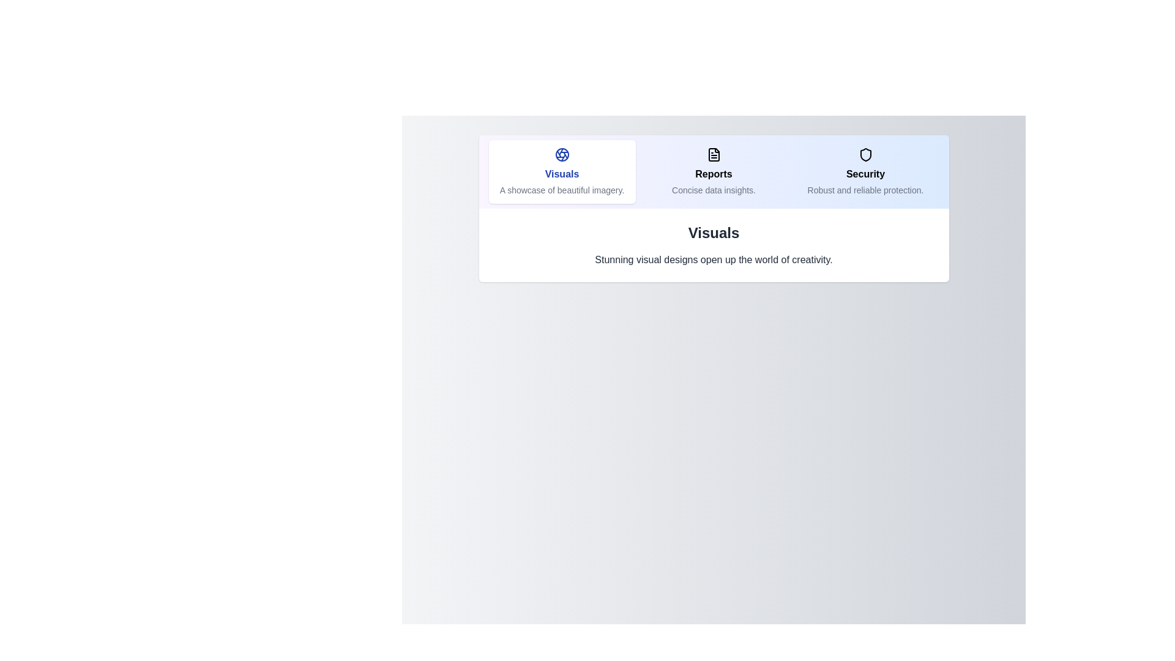 The height and width of the screenshot is (661, 1175). Describe the element at coordinates (865, 172) in the screenshot. I see `the Security tab to view its content` at that location.